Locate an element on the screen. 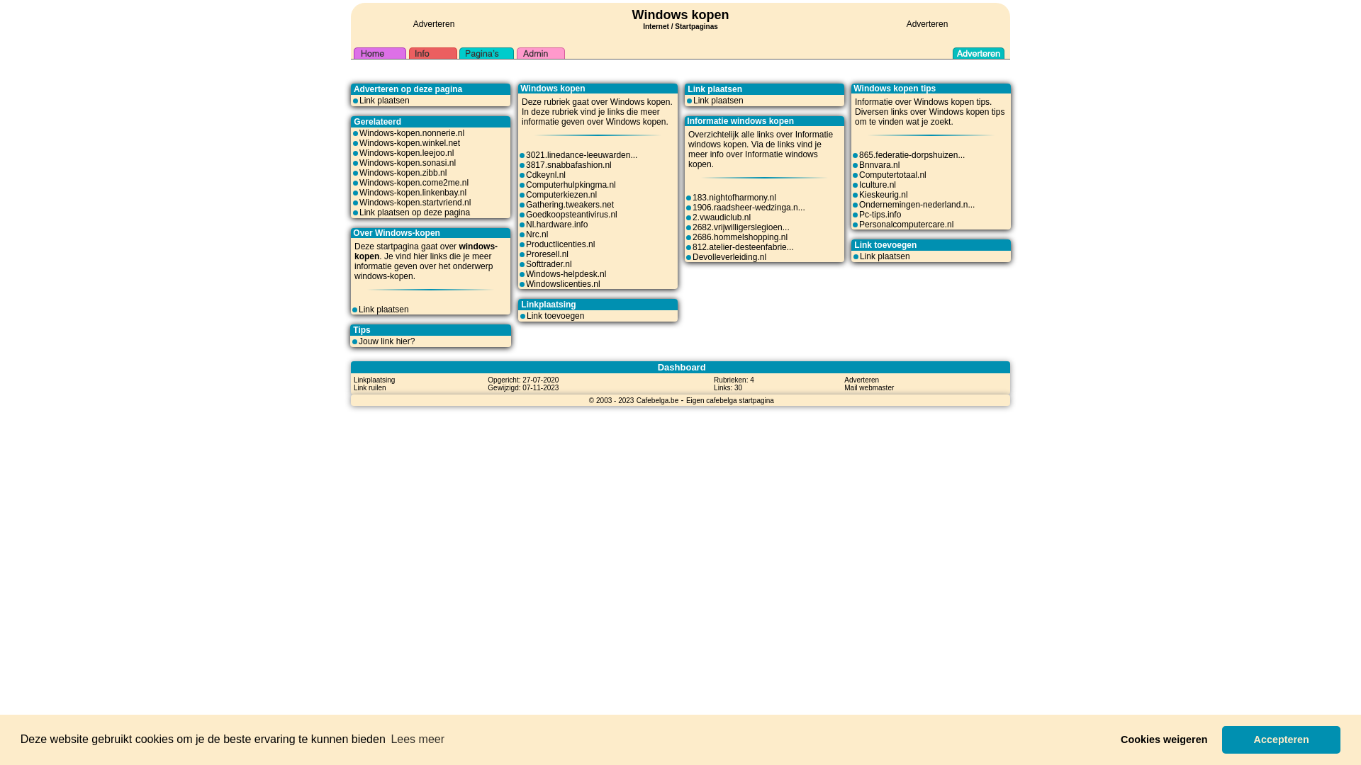 This screenshot has width=1361, height=765. 'Pc-tips.info' is located at coordinates (858, 215).